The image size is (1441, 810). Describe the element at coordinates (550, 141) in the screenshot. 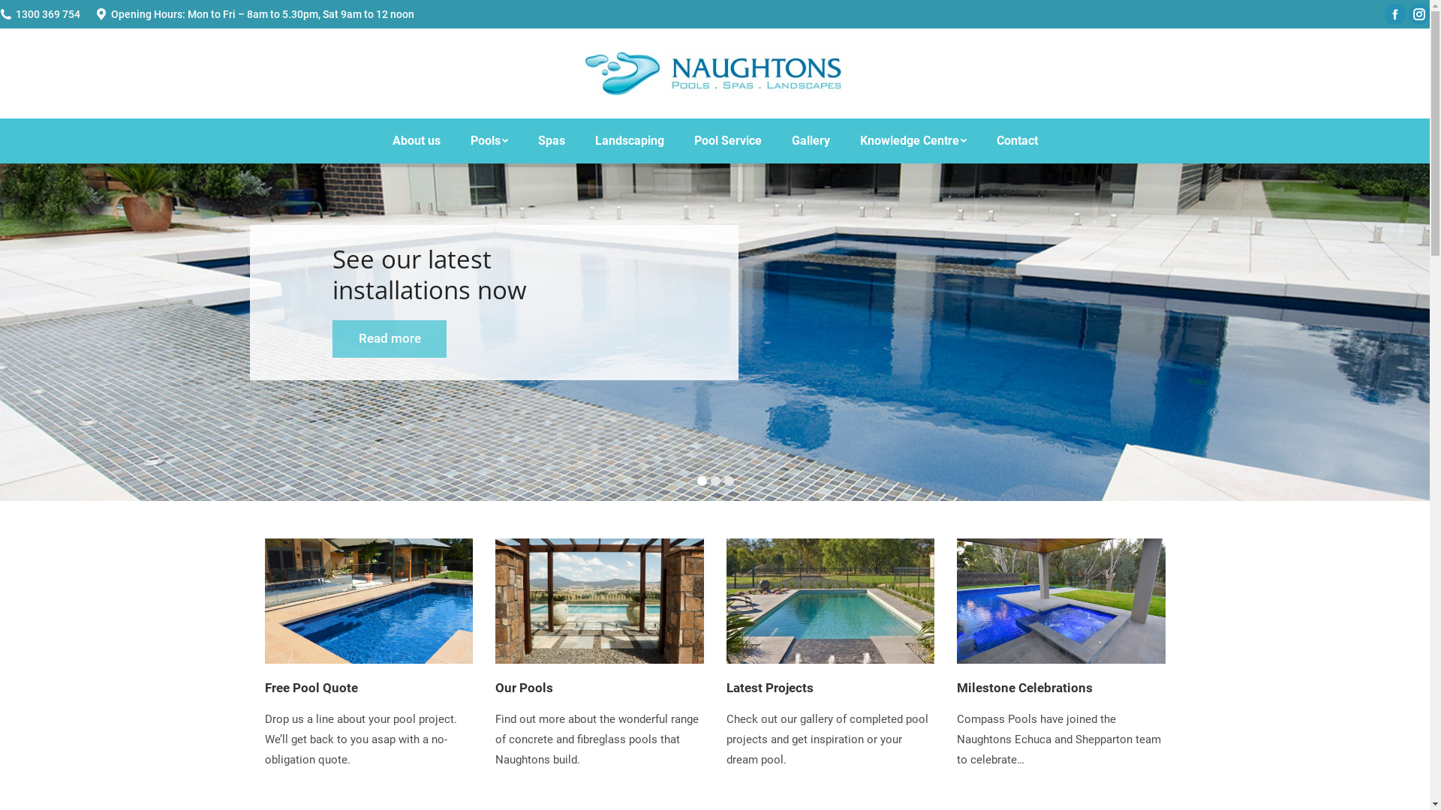

I see `'Spas'` at that location.